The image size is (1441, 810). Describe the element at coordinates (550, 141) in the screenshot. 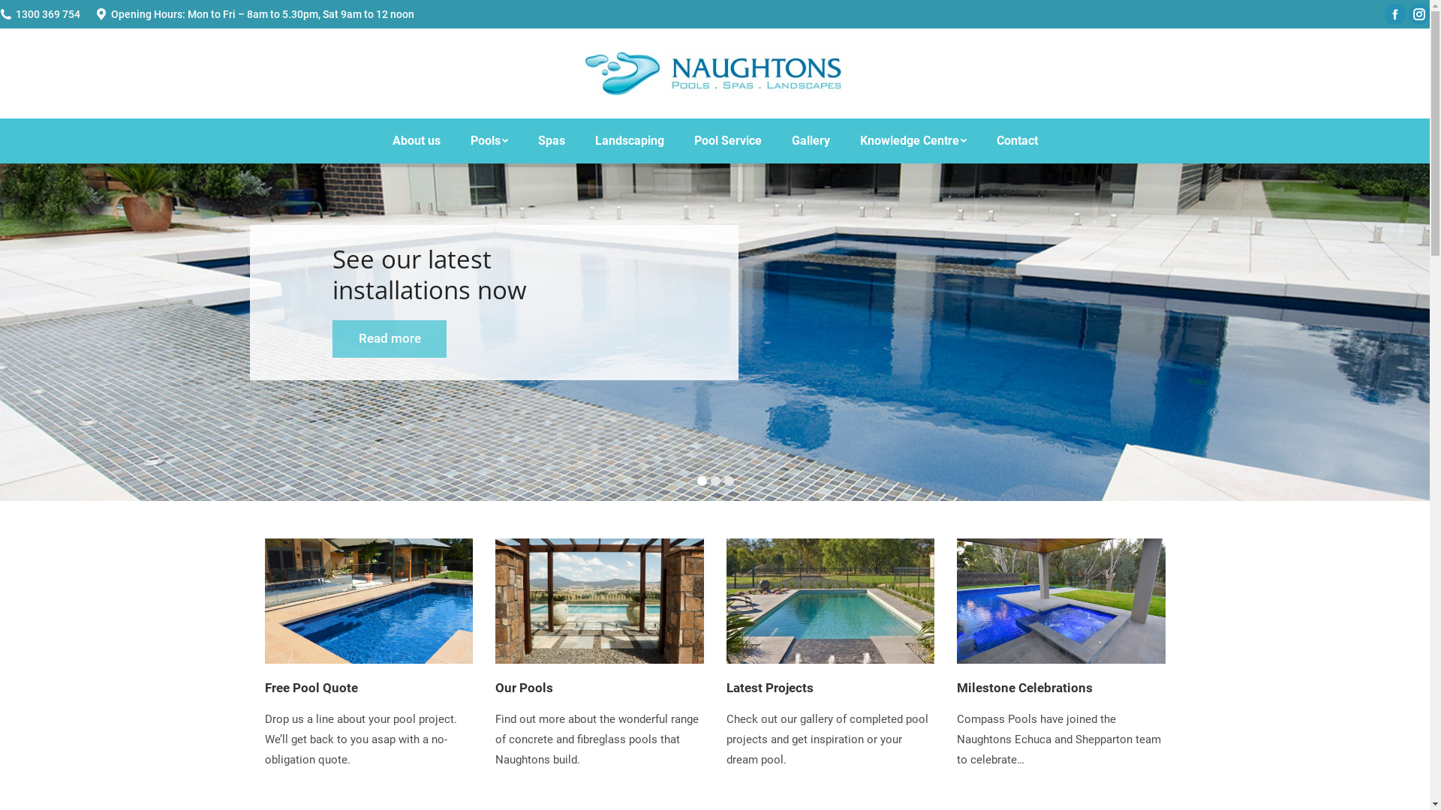

I see `'Spas'` at that location.